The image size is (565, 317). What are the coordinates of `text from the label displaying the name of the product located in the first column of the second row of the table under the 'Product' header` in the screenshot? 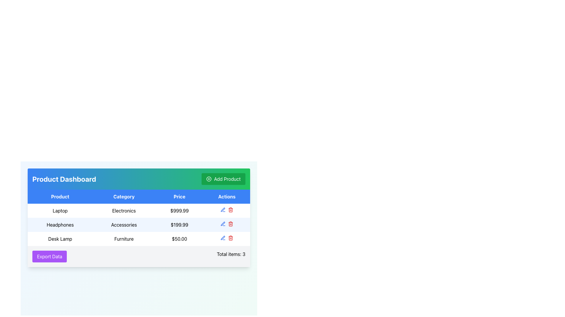 It's located at (60, 210).